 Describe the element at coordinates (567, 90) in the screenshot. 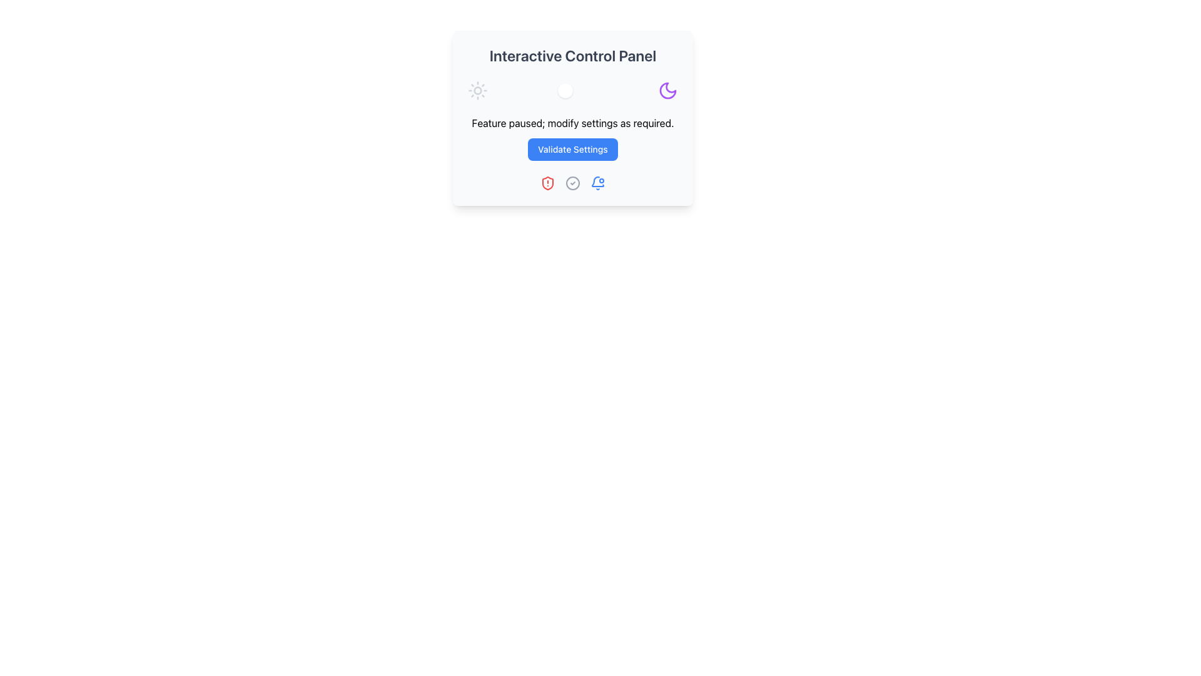

I see `the slider` at that location.